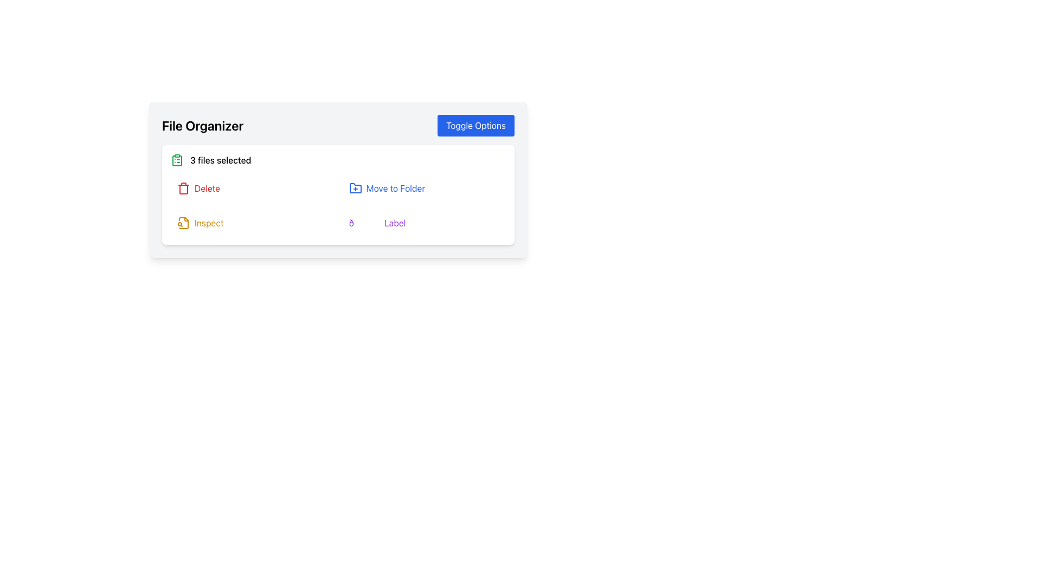 Image resolution: width=1041 pixels, height=585 pixels. Describe the element at coordinates (184, 223) in the screenshot. I see `the yellow document icon with a magnifying glass that is located to the left of the 'Inspect' label in the lower left corner of the interface` at that location.